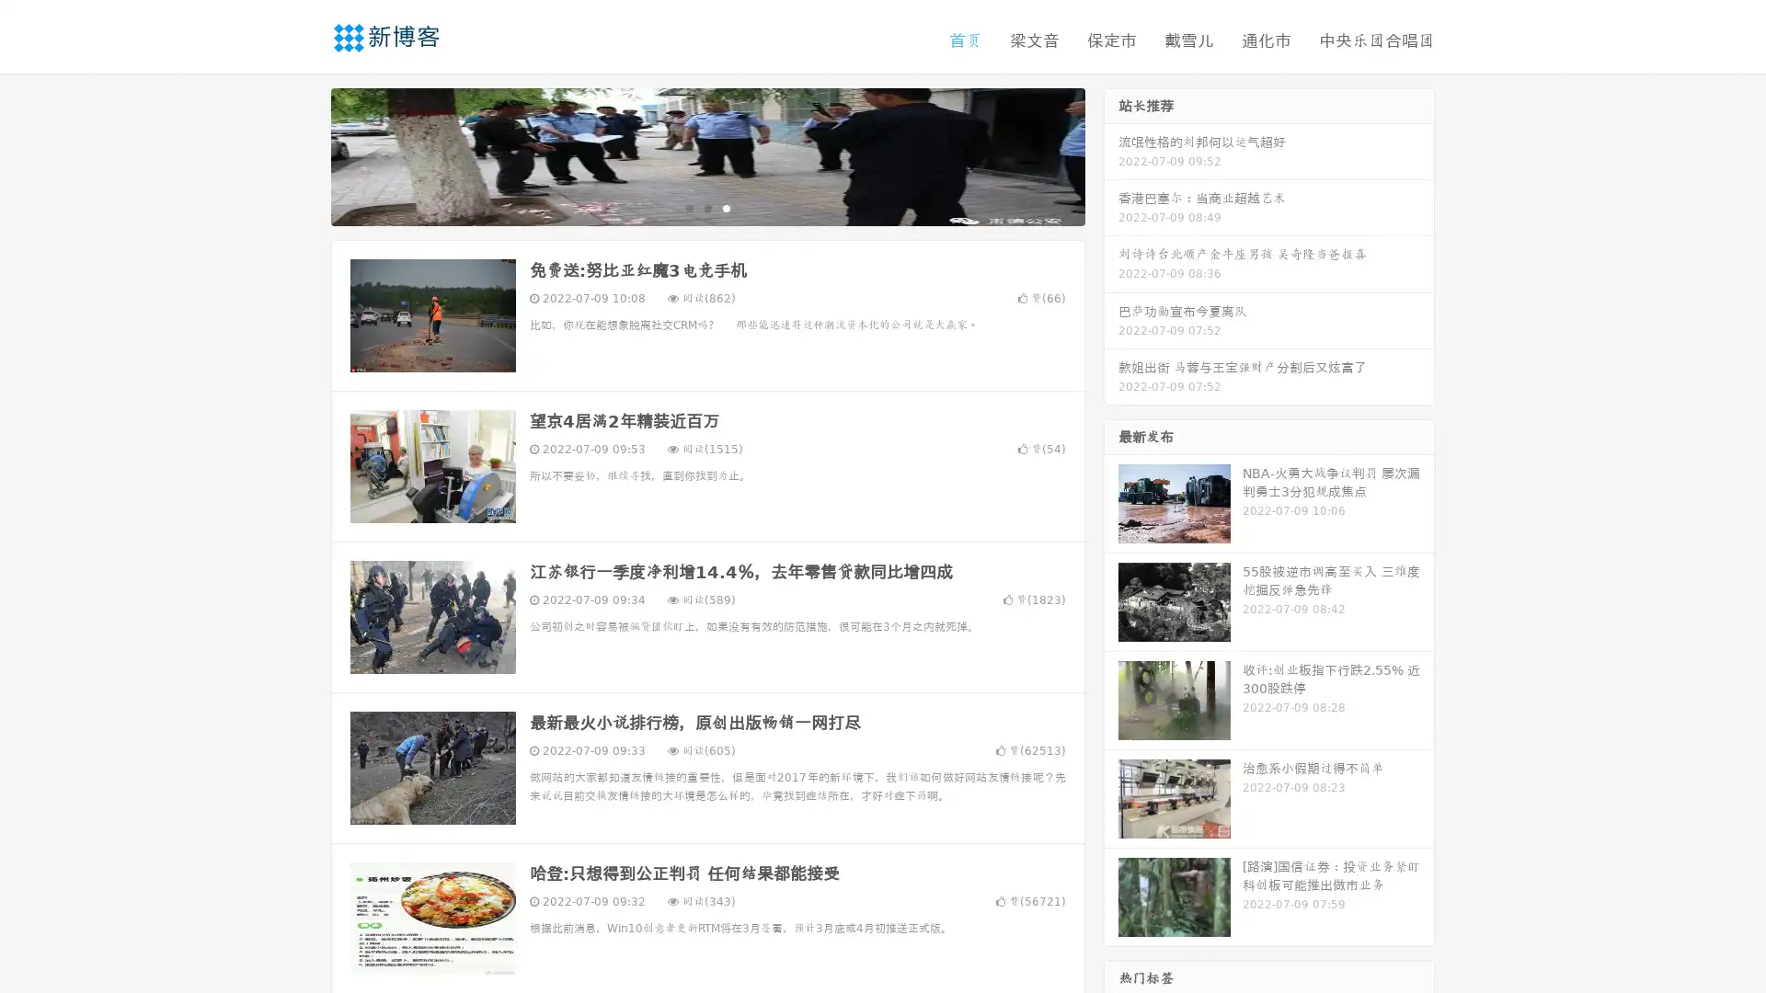 The height and width of the screenshot is (993, 1766). What do you see at coordinates (726, 207) in the screenshot?
I see `Go to slide 3` at bounding box center [726, 207].